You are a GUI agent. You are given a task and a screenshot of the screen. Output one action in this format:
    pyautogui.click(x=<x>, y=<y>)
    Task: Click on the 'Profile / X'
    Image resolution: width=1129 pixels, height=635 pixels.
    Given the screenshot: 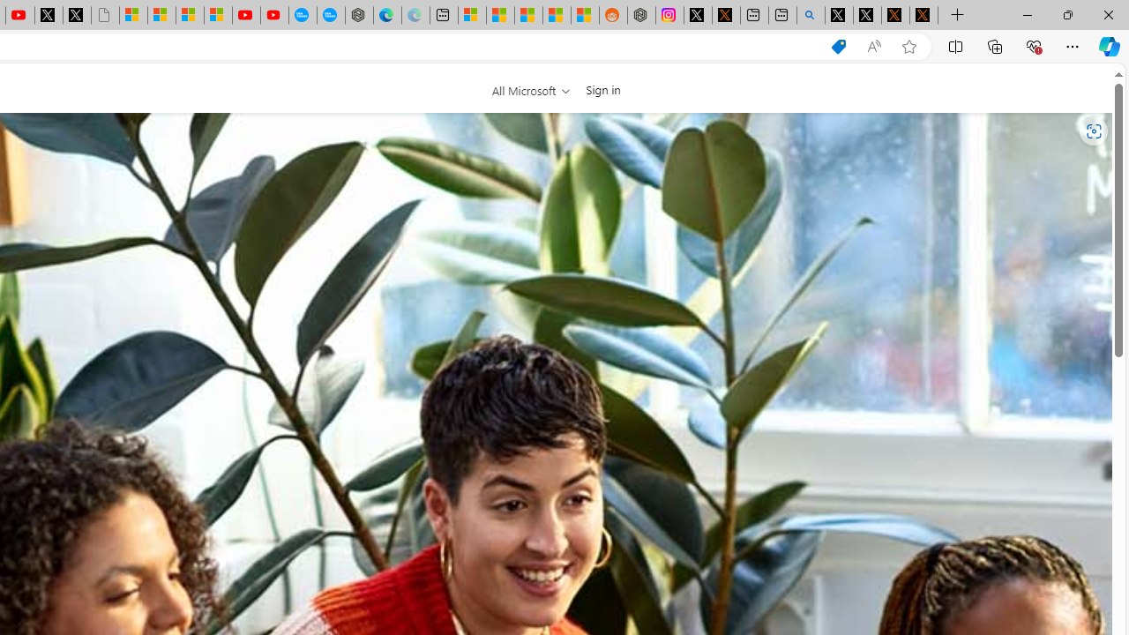 What is the action you would take?
    pyautogui.click(x=838, y=15)
    